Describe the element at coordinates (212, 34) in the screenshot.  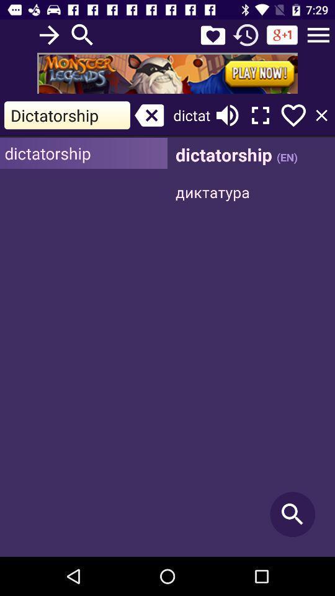
I see `the favorite icon` at that location.